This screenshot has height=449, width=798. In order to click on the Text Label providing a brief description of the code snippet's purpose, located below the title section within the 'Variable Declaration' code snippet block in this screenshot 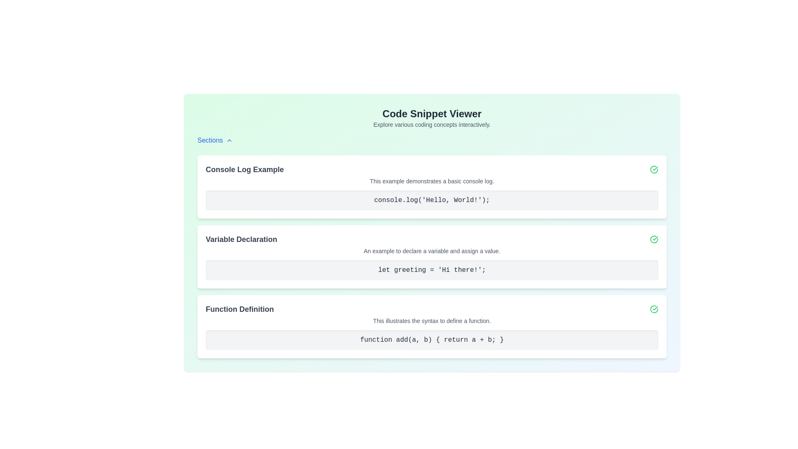, I will do `click(432, 251)`.